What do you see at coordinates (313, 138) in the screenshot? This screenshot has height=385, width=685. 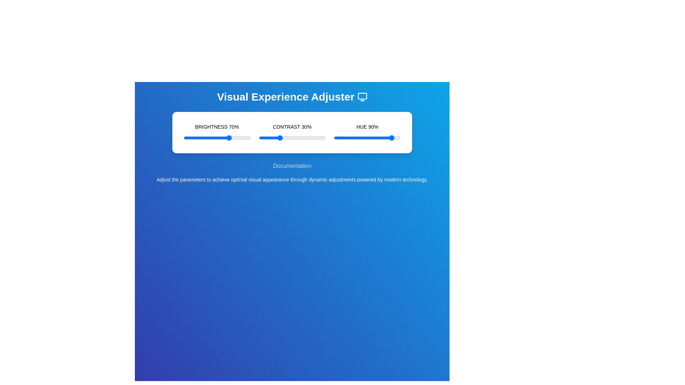 I see `the contrast slider to set the contrast level to 82` at bounding box center [313, 138].